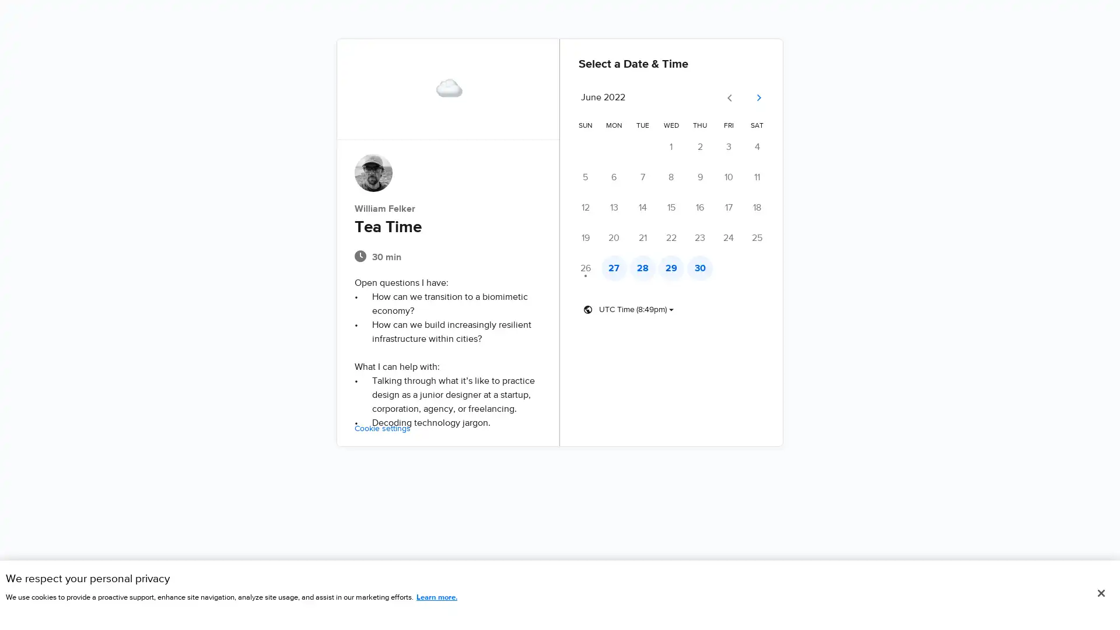 The height and width of the screenshot is (630, 1120). I want to click on Wednesday, June 29 - Times available, so click(675, 268).